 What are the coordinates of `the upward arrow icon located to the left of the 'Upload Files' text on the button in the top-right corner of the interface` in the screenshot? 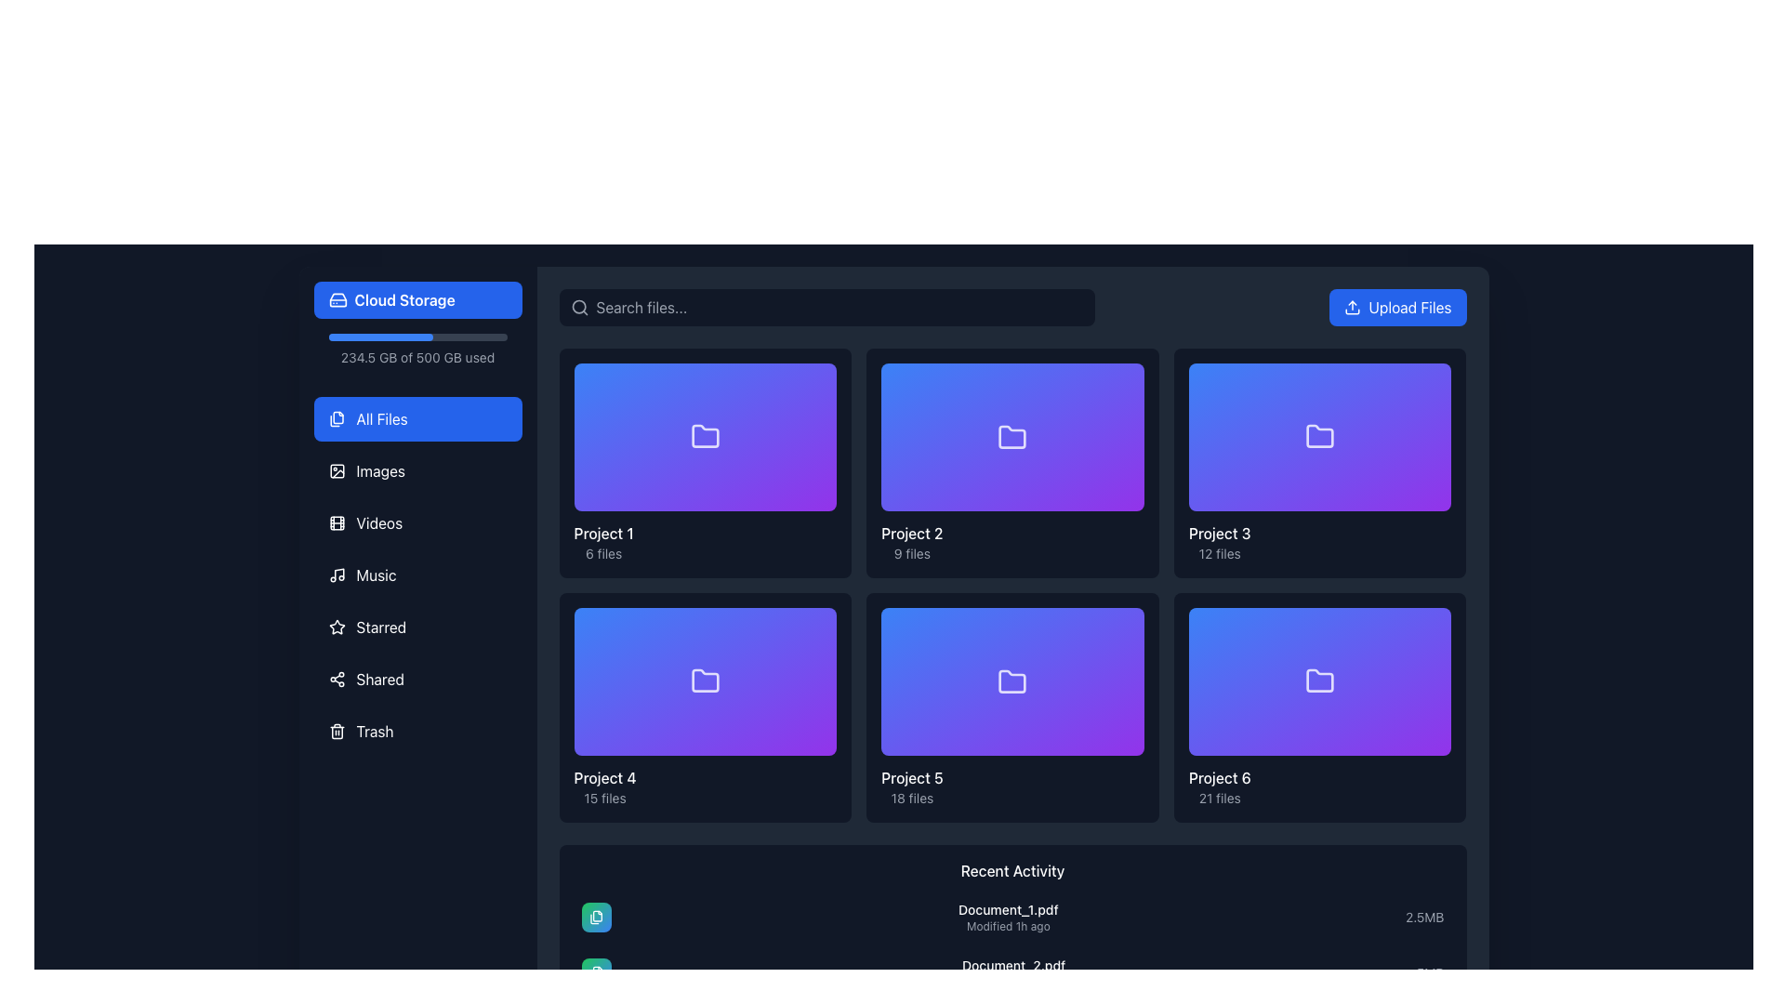 It's located at (1353, 307).